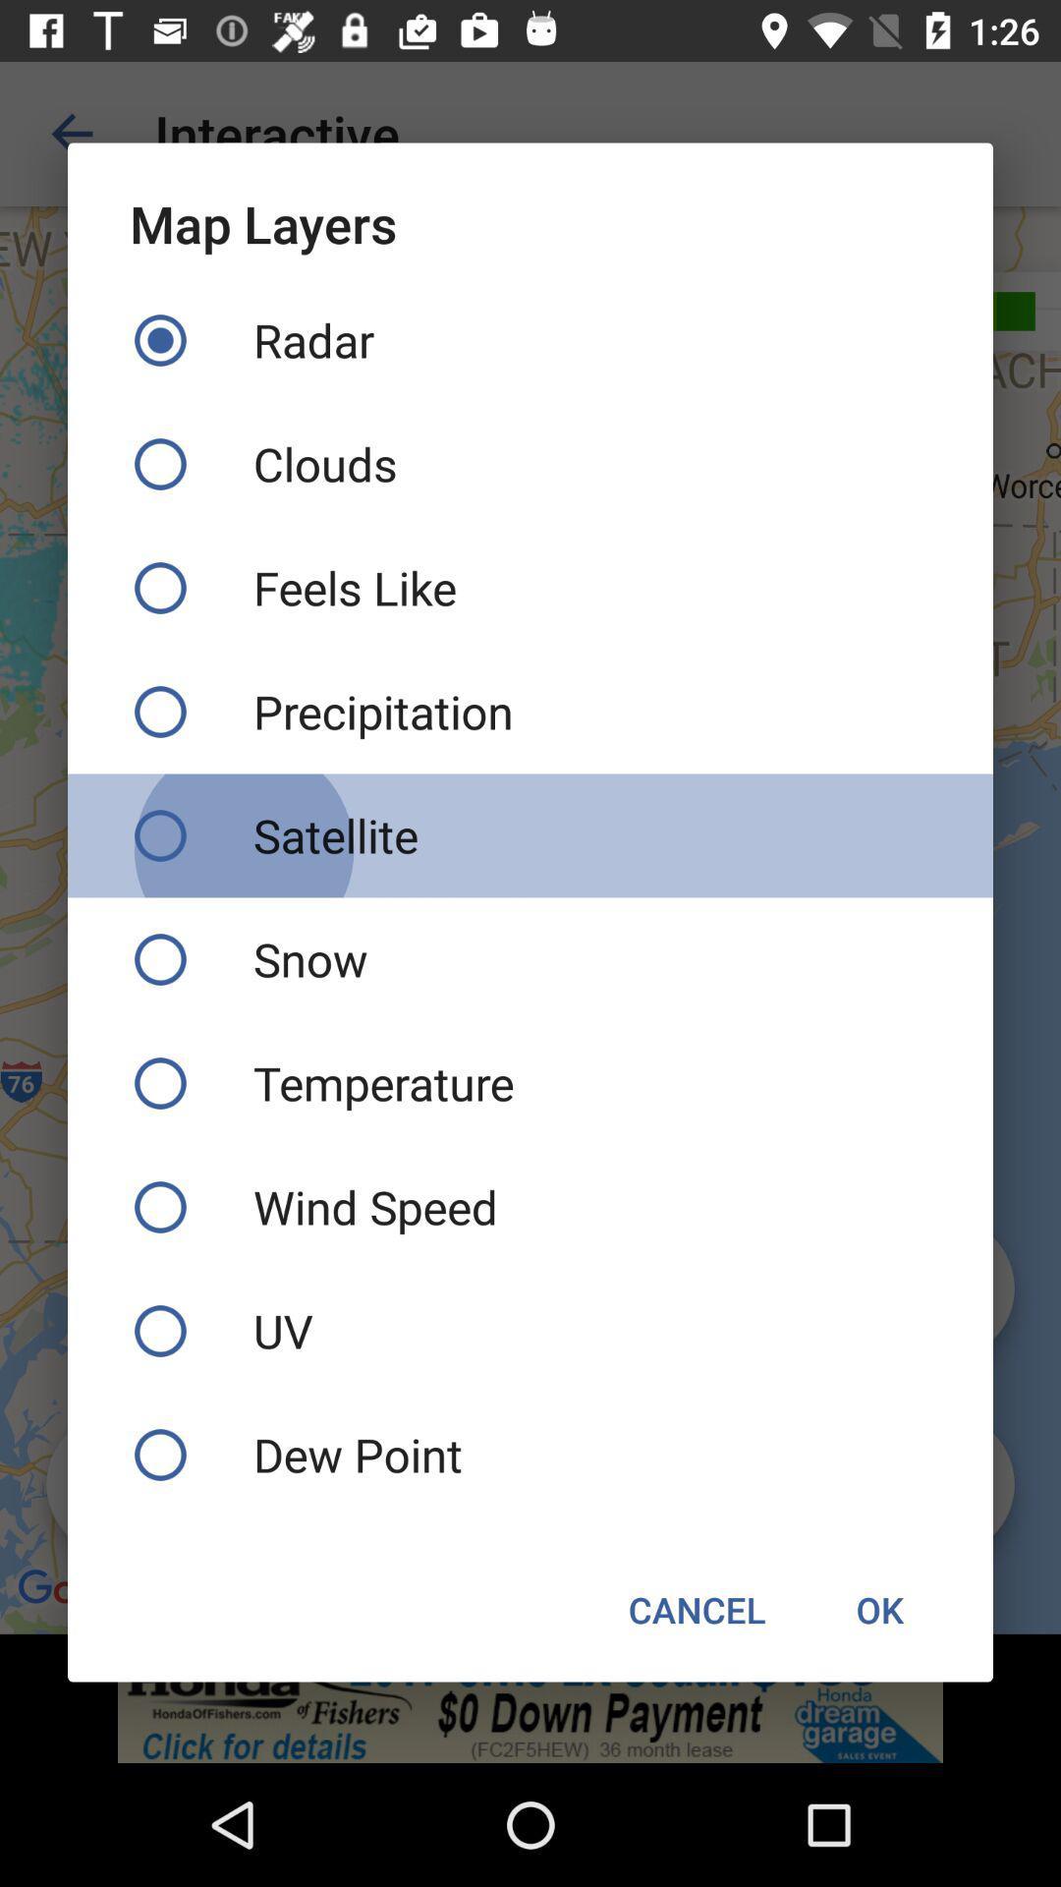 This screenshot has width=1061, height=1887. I want to click on ok, so click(878, 1609).